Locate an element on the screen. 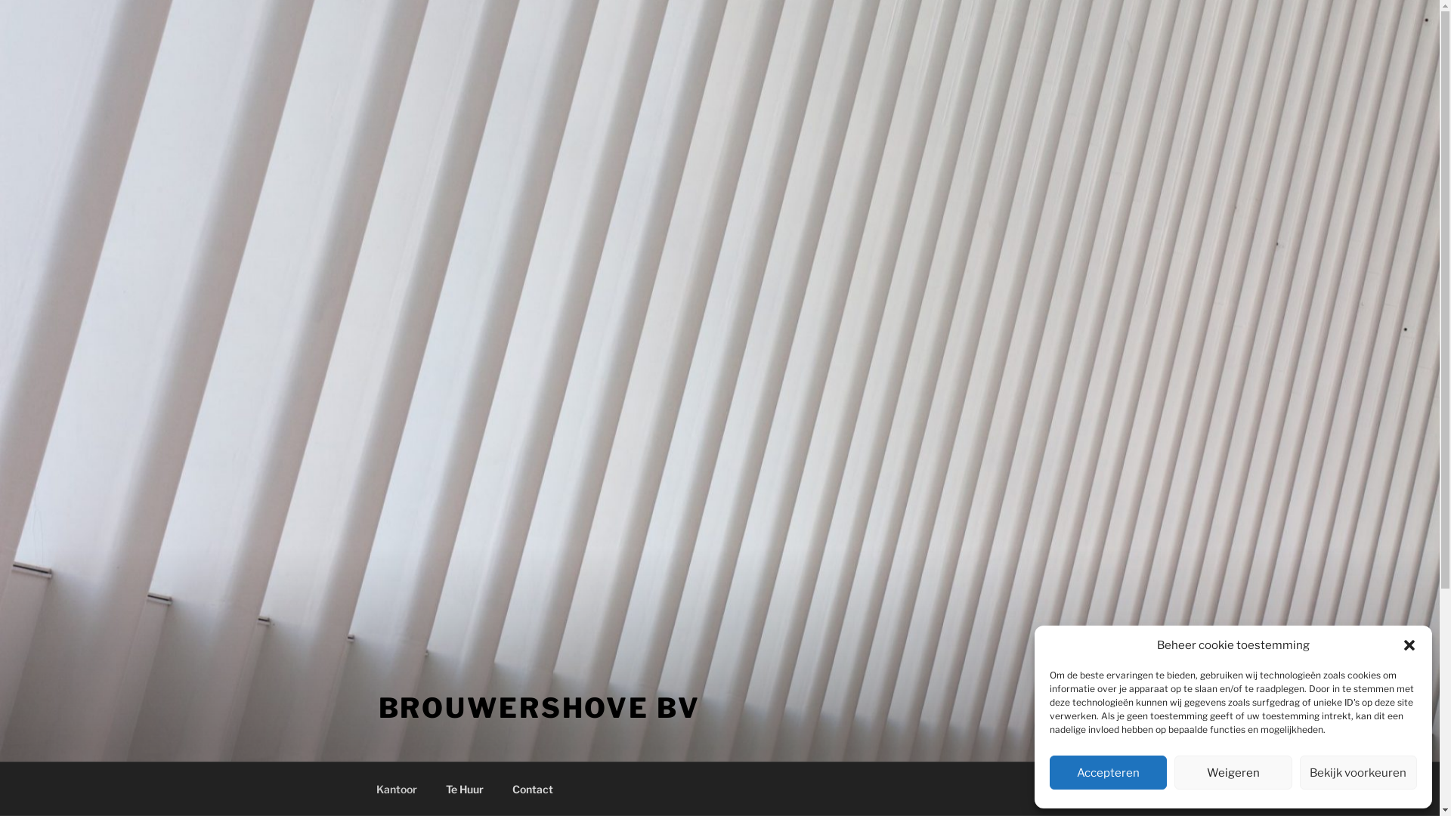 The height and width of the screenshot is (816, 1451). 'Kantoor' is located at coordinates (396, 788).